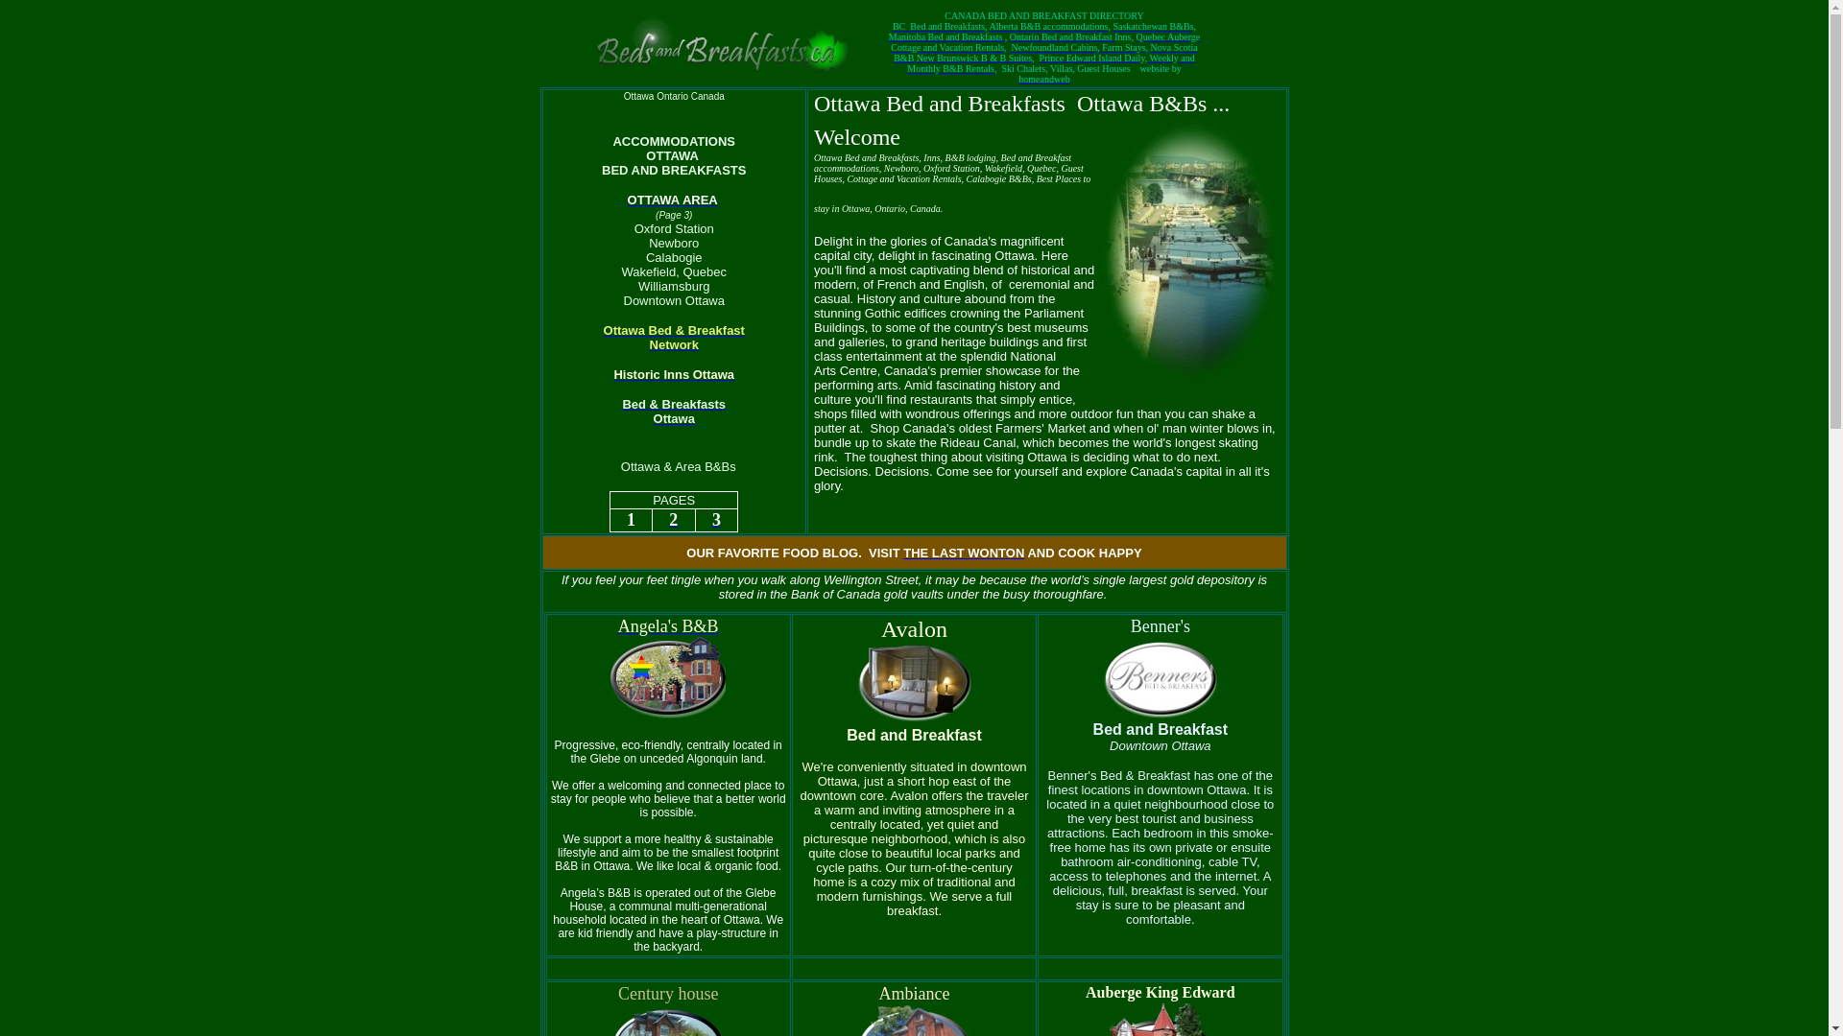 Image resolution: width=1843 pixels, height=1036 pixels. What do you see at coordinates (1061, 35) in the screenshot?
I see `'Ontario Bed and Breakfast'` at bounding box center [1061, 35].